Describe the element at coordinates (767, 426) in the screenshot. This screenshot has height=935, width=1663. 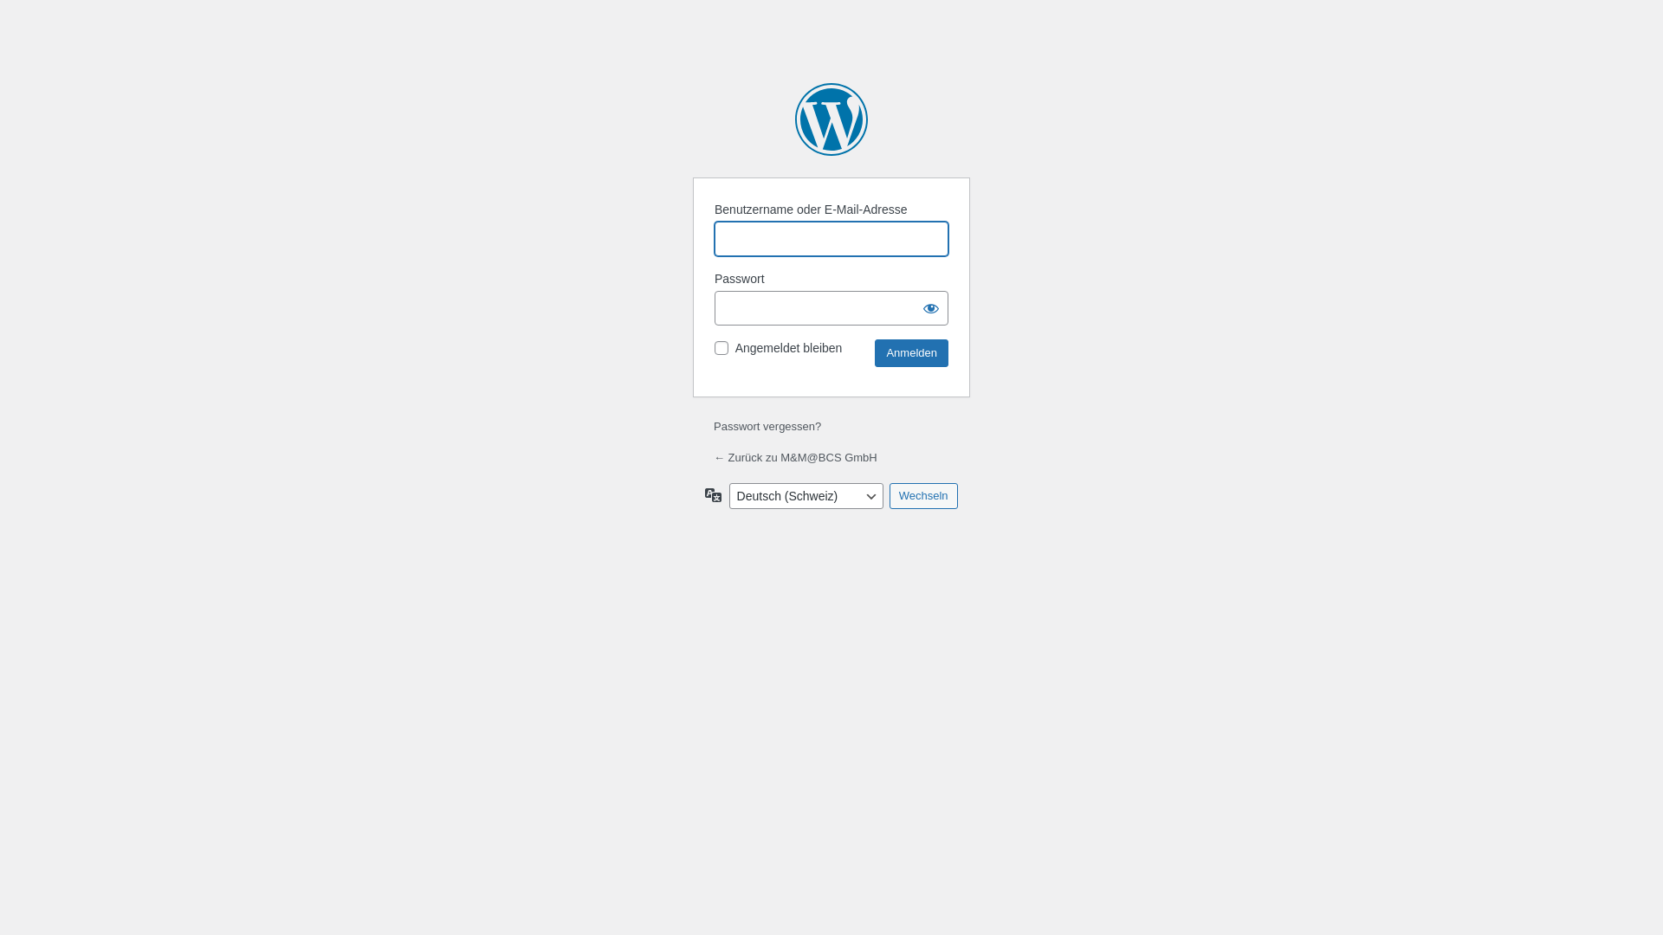
I see `'Passwort vergessen?'` at that location.